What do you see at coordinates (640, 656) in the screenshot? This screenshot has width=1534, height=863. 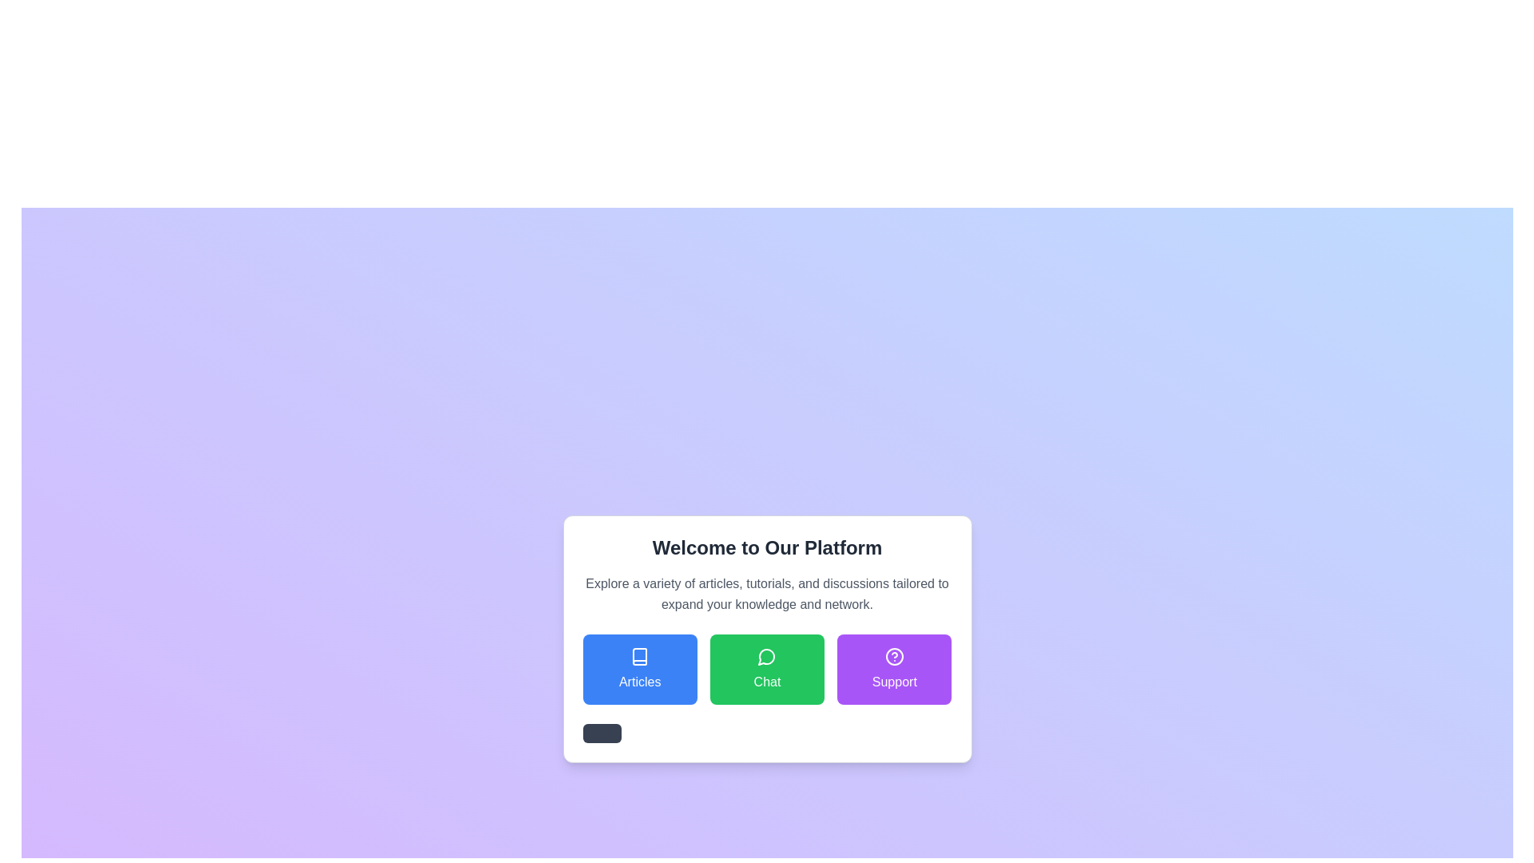 I see `the 'Articles' icon, which is a graphical representation in the first column of the layout` at bounding box center [640, 656].